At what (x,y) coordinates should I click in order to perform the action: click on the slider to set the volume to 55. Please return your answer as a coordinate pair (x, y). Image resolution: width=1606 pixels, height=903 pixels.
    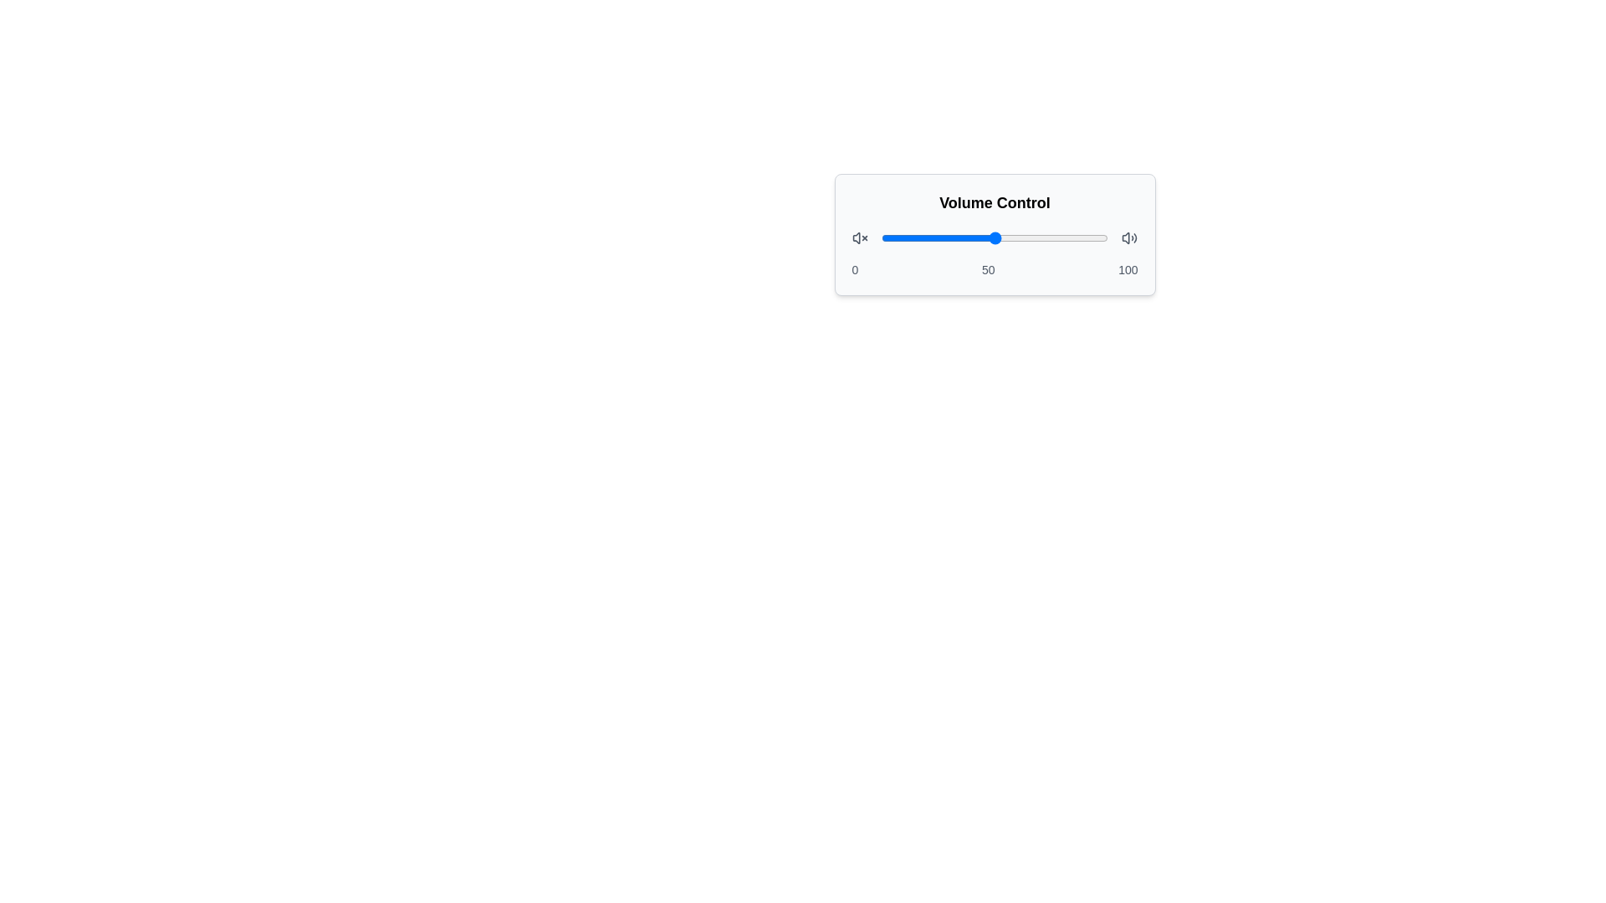
    Looking at the image, I should click on (1005, 238).